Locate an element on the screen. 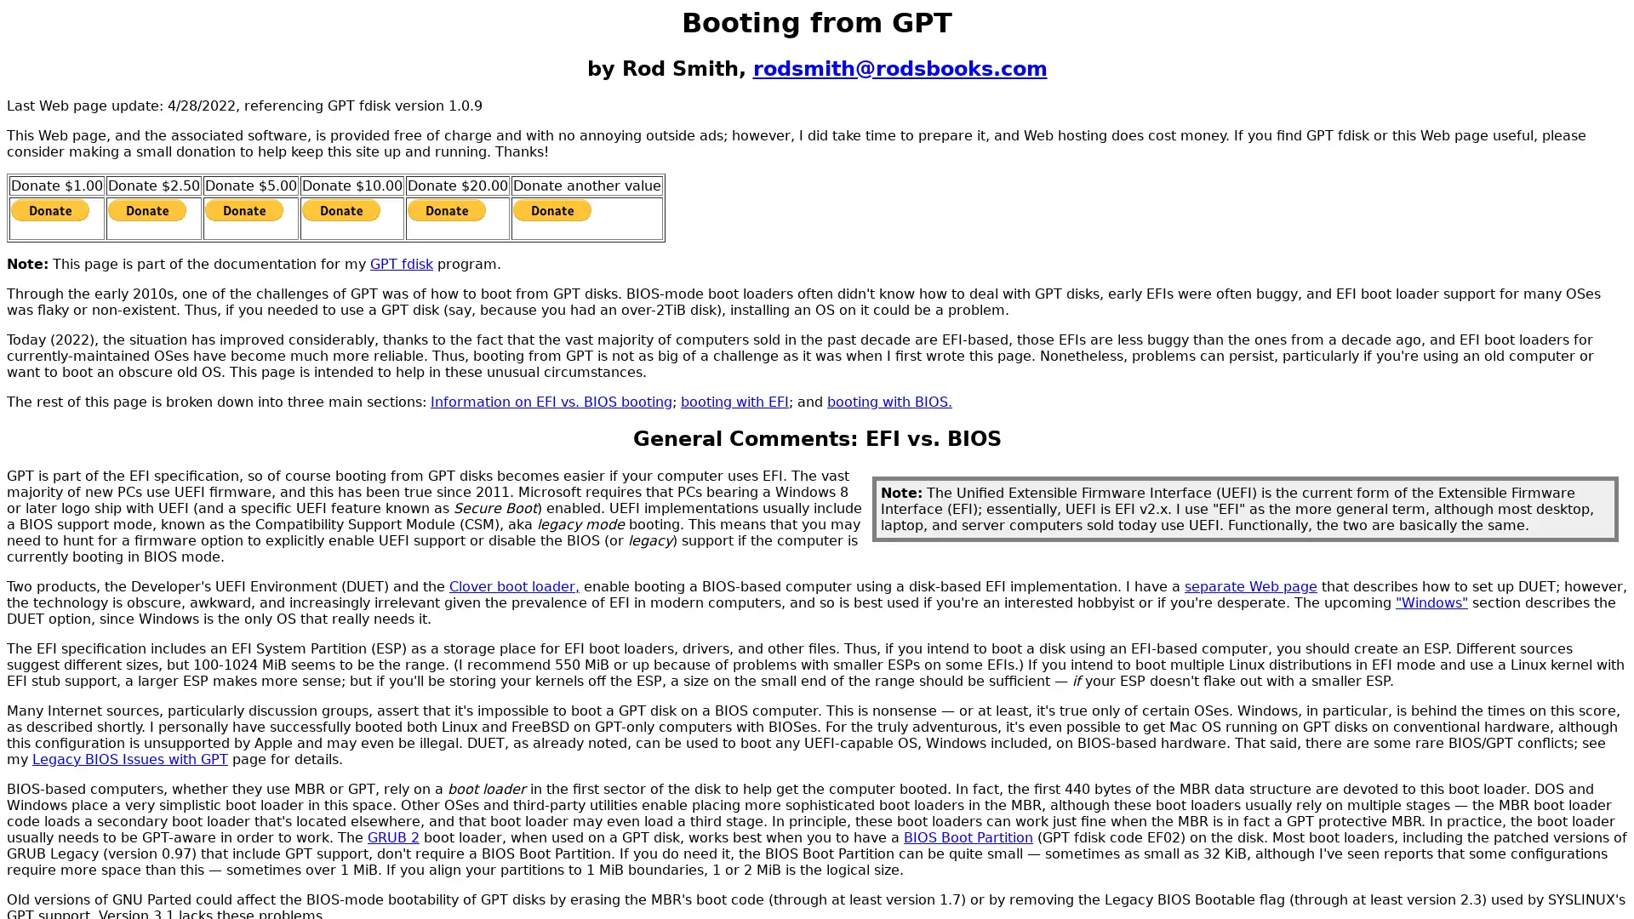  PayPal - The safer, easier way to pay online! is located at coordinates (551, 208).